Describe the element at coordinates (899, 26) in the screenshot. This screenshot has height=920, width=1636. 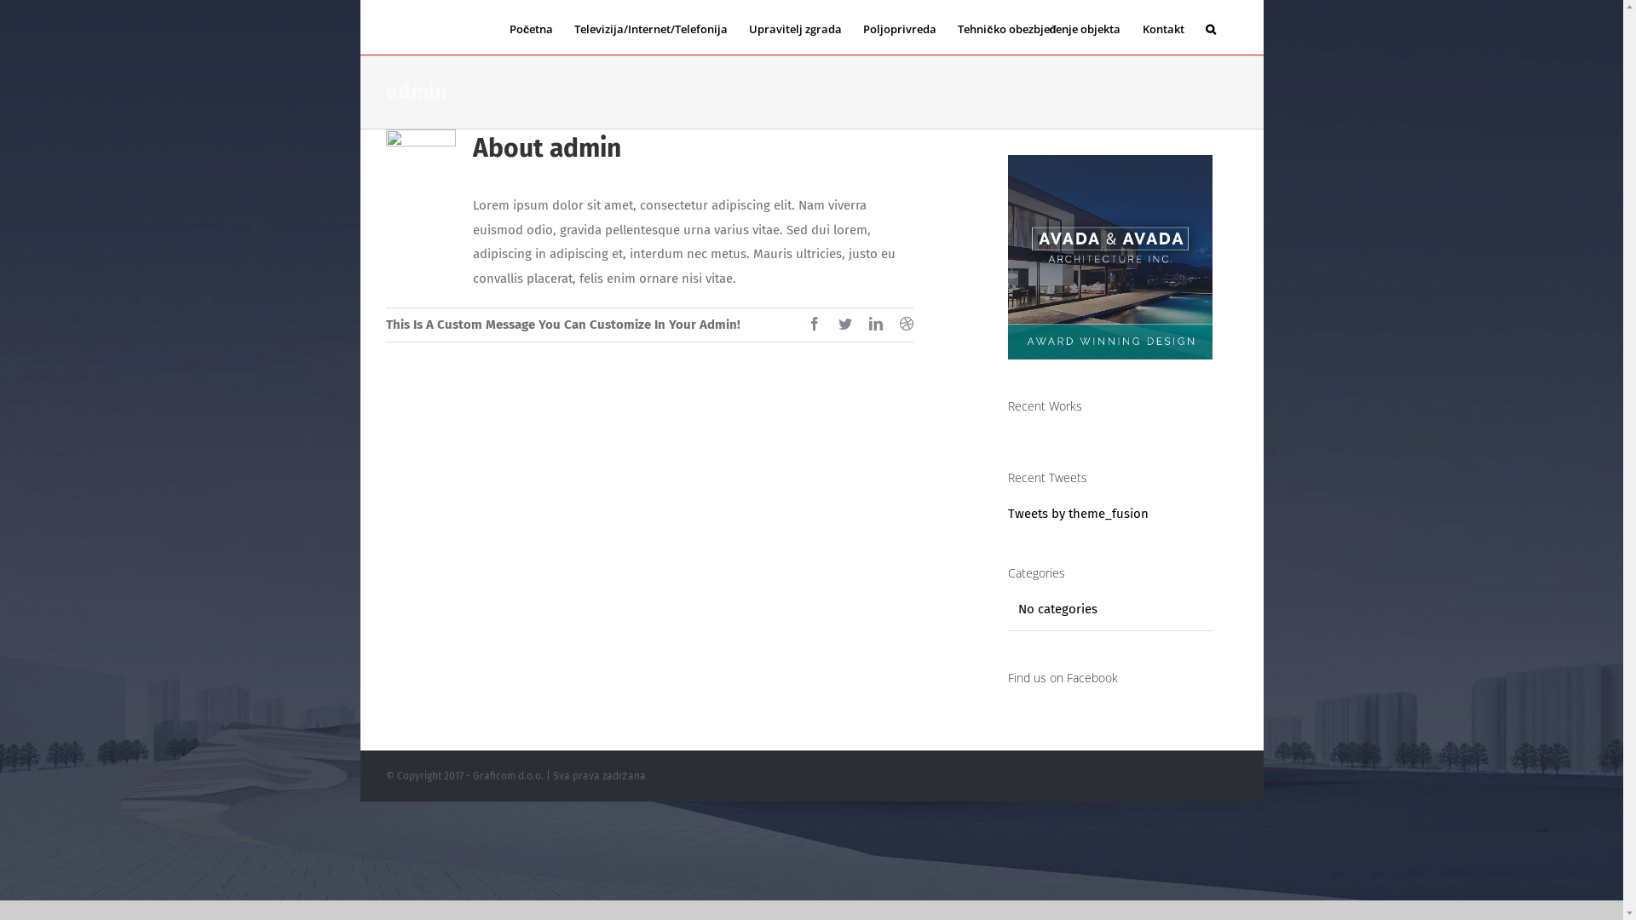
I see `'Poljoprivreda'` at that location.